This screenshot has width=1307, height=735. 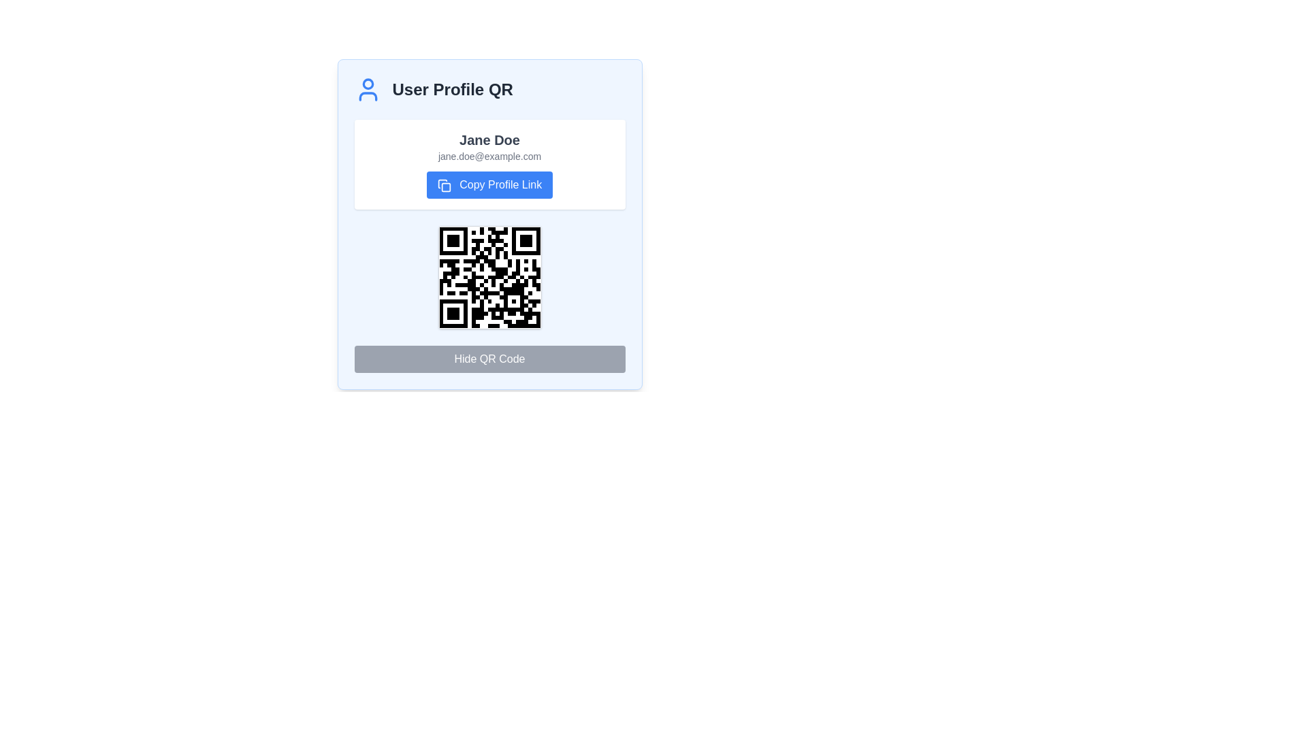 I want to click on the text label displaying 'Jane Doe', which is a bold, gray-colored label larger than the surrounding text, located within the profile card UI component, so click(x=489, y=140).